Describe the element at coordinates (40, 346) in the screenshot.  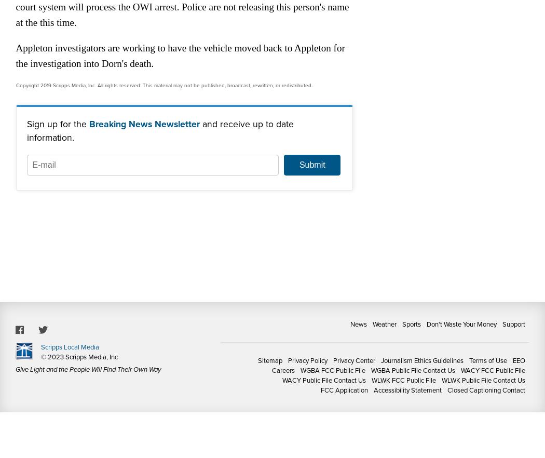
I see `'Scripps Local Media'` at that location.